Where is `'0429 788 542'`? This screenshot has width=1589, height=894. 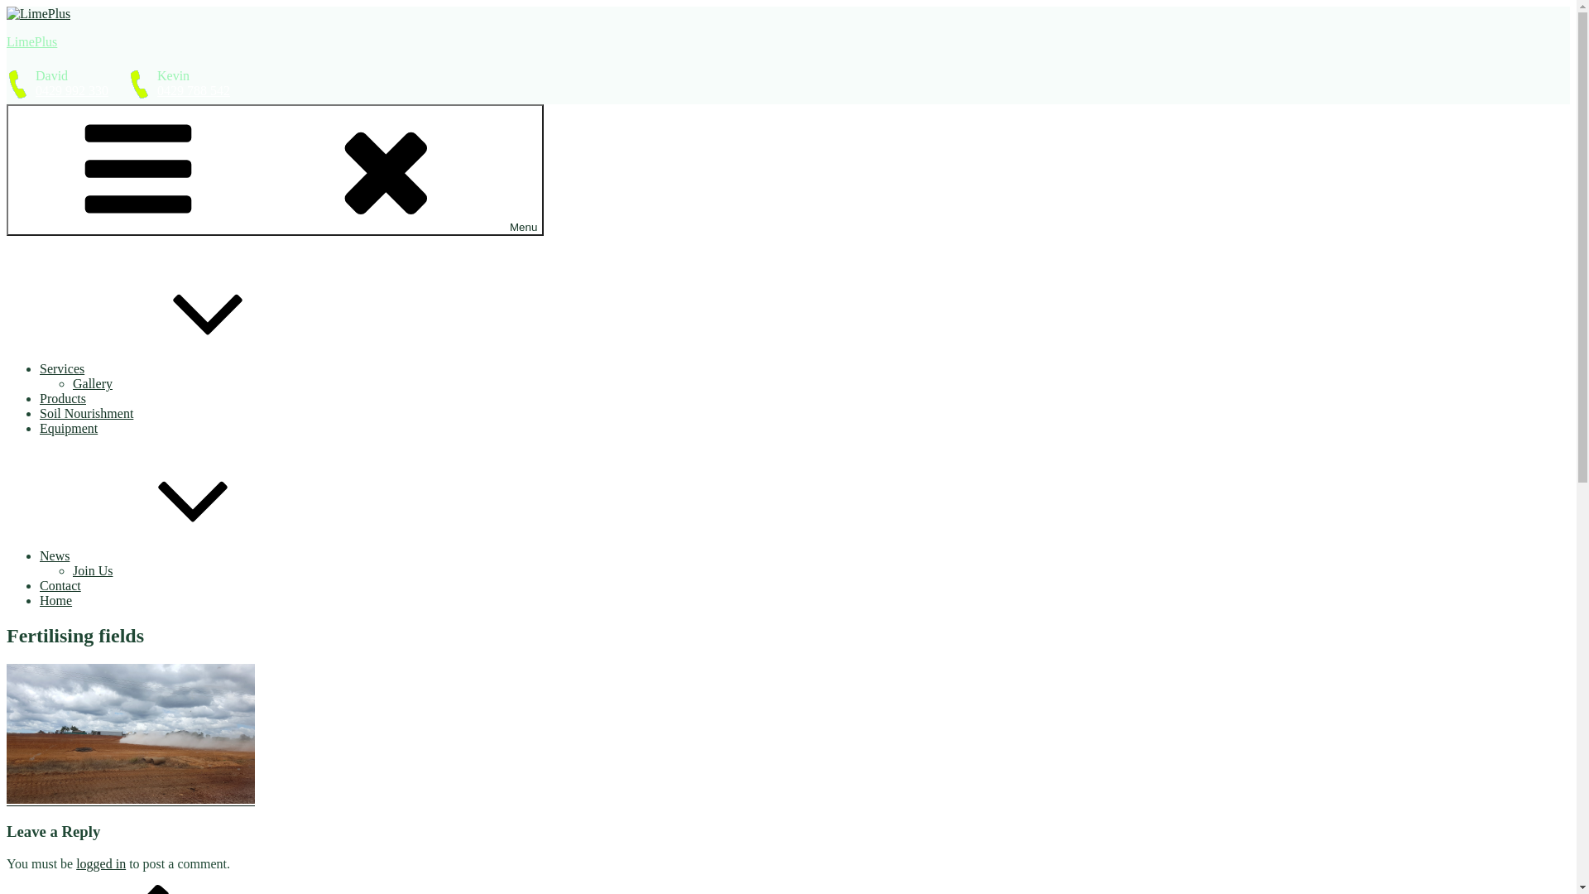
'0429 788 542' is located at coordinates (194, 90).